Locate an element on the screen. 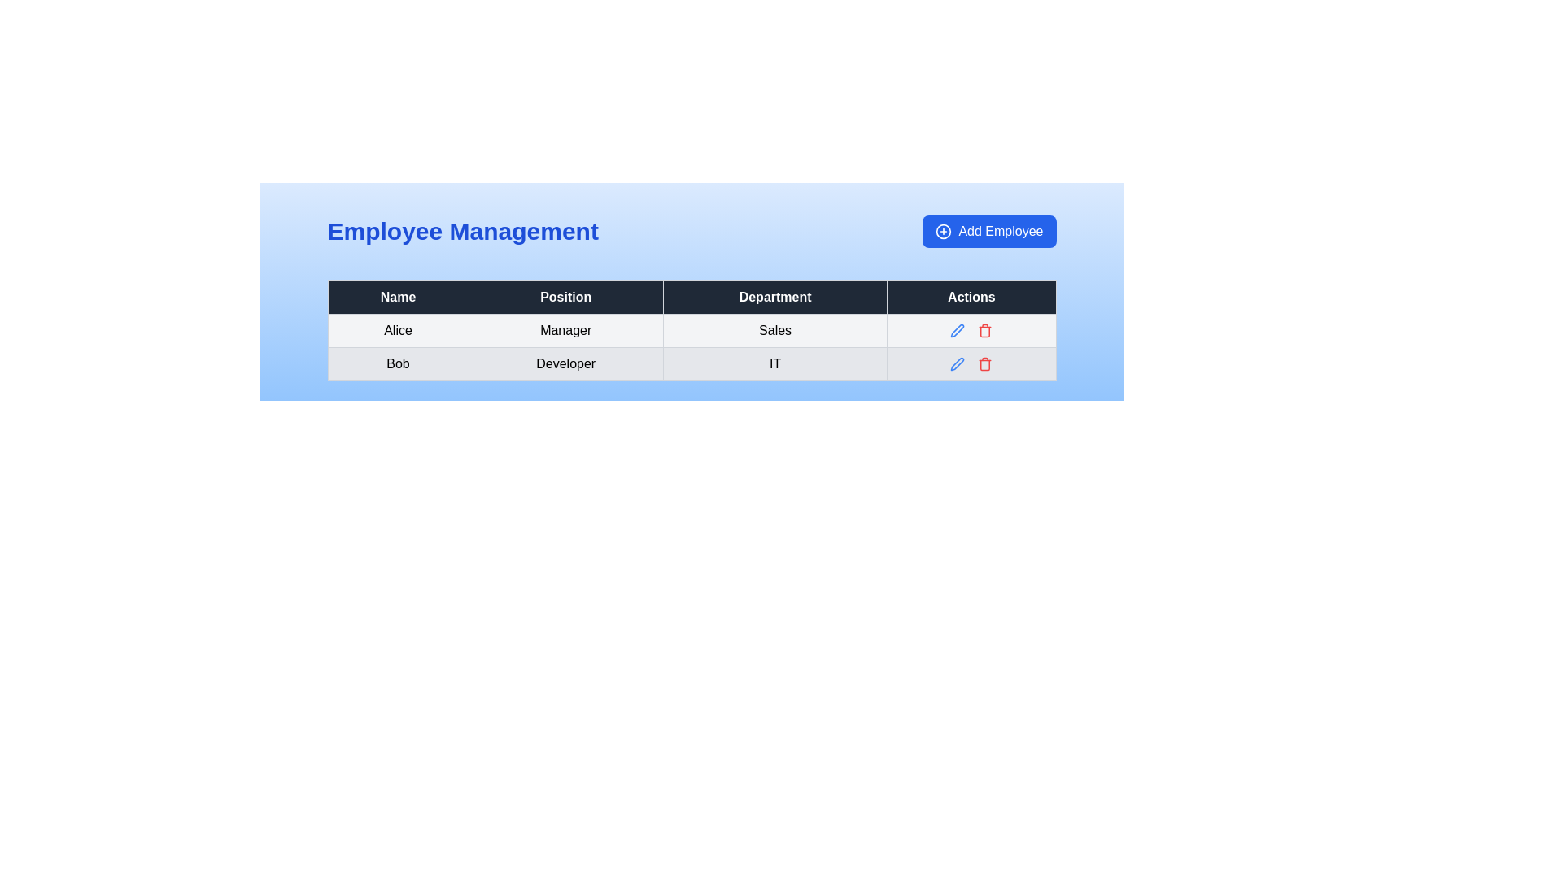 This screenshot has width=1562, height=878. the innermost circle of the 'Add Employee' button located at the top-right corner of the interface, which is surrounded by lines forming a plus sign is located at coordinates (944, 232).